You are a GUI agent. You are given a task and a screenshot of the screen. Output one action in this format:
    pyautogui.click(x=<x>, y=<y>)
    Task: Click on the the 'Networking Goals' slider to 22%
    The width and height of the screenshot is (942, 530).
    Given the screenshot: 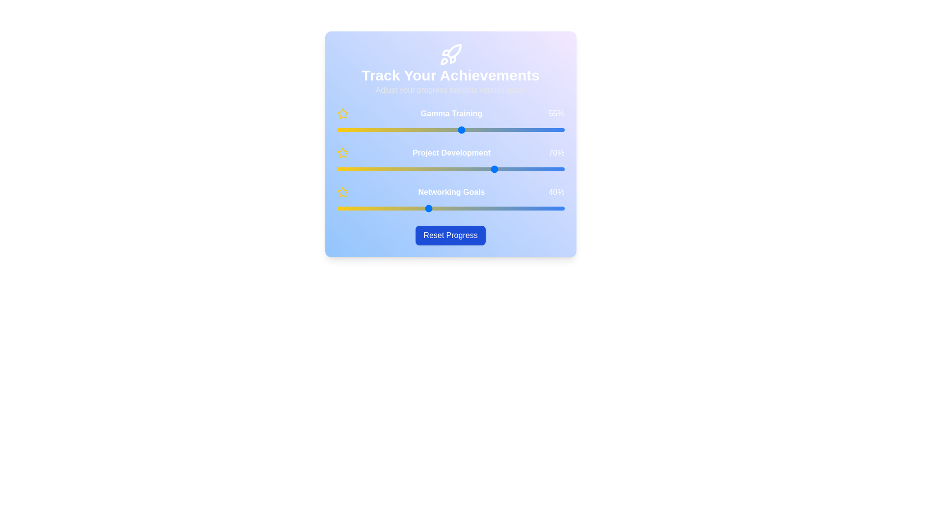 What is the action you would take?
    pyautogui.click(x=386, y=208)
    